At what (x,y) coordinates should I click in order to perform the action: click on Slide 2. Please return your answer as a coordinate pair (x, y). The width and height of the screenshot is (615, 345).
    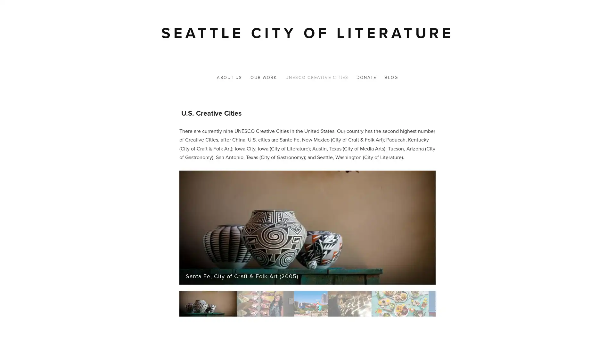
    Looking at the image, I should click on (262, 303).